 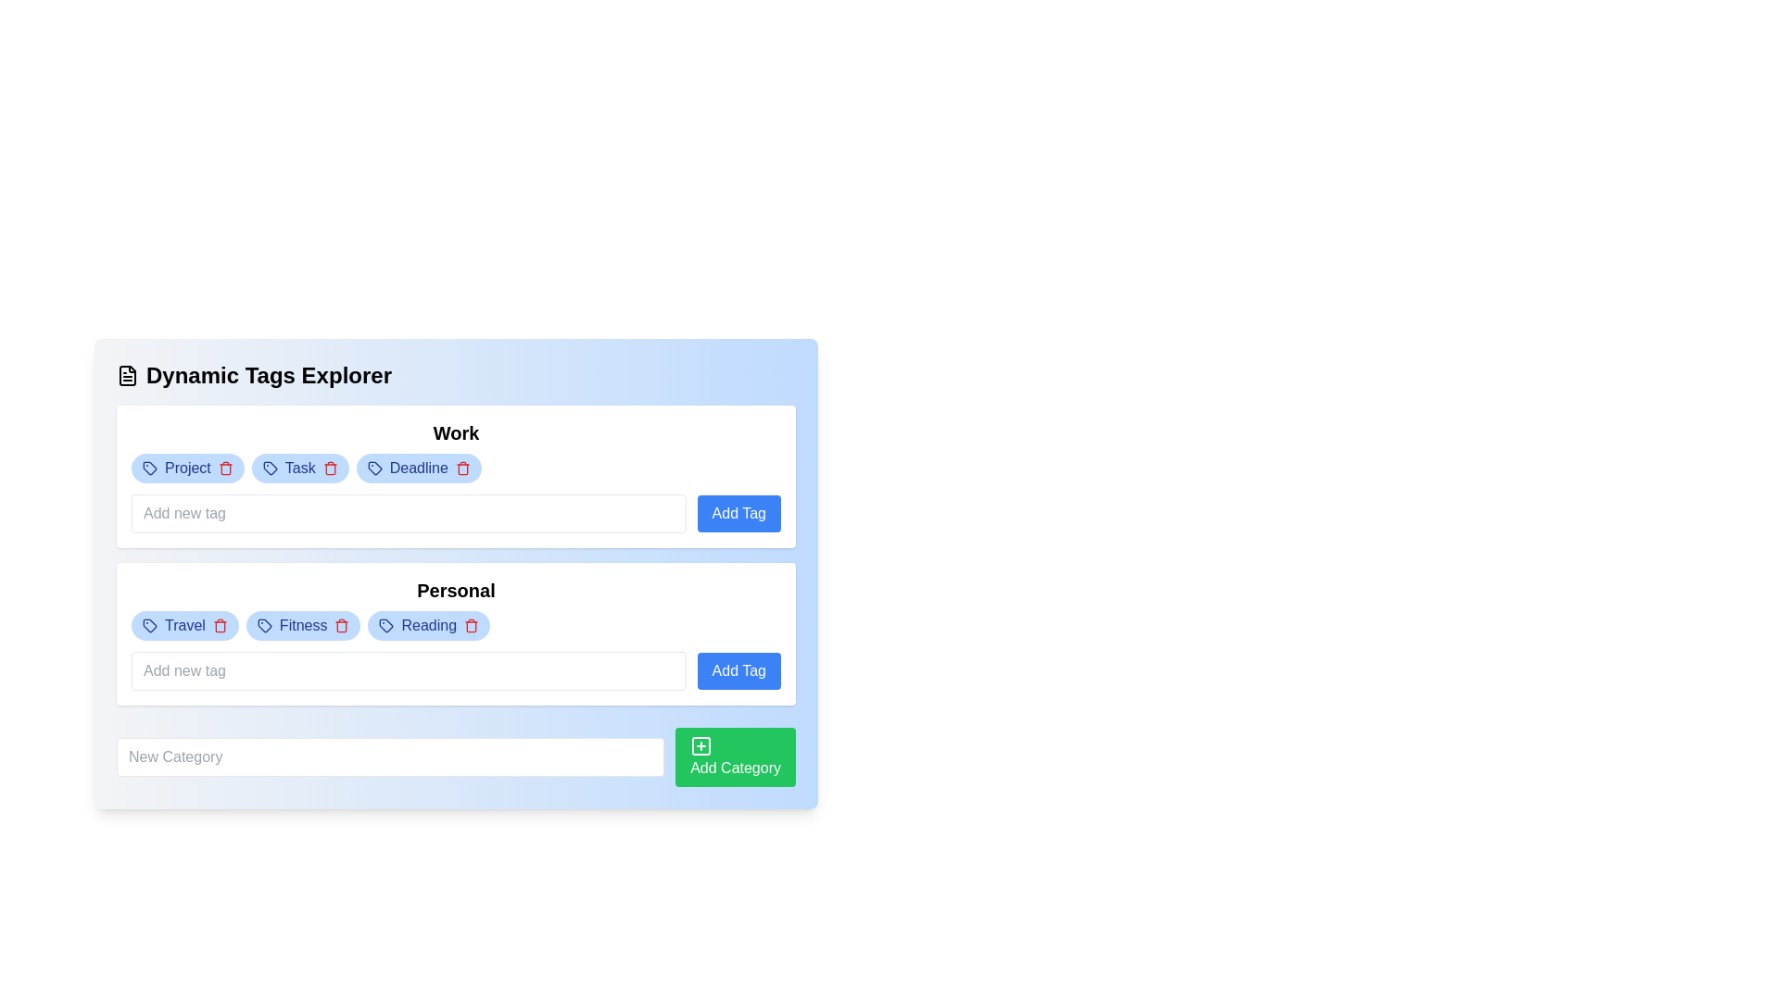 I want to click on the graphical icon resembling a generic tag outline located in the 'Work' category, adjacent to the 'Deadline' tag, so click(x=373, y=467).